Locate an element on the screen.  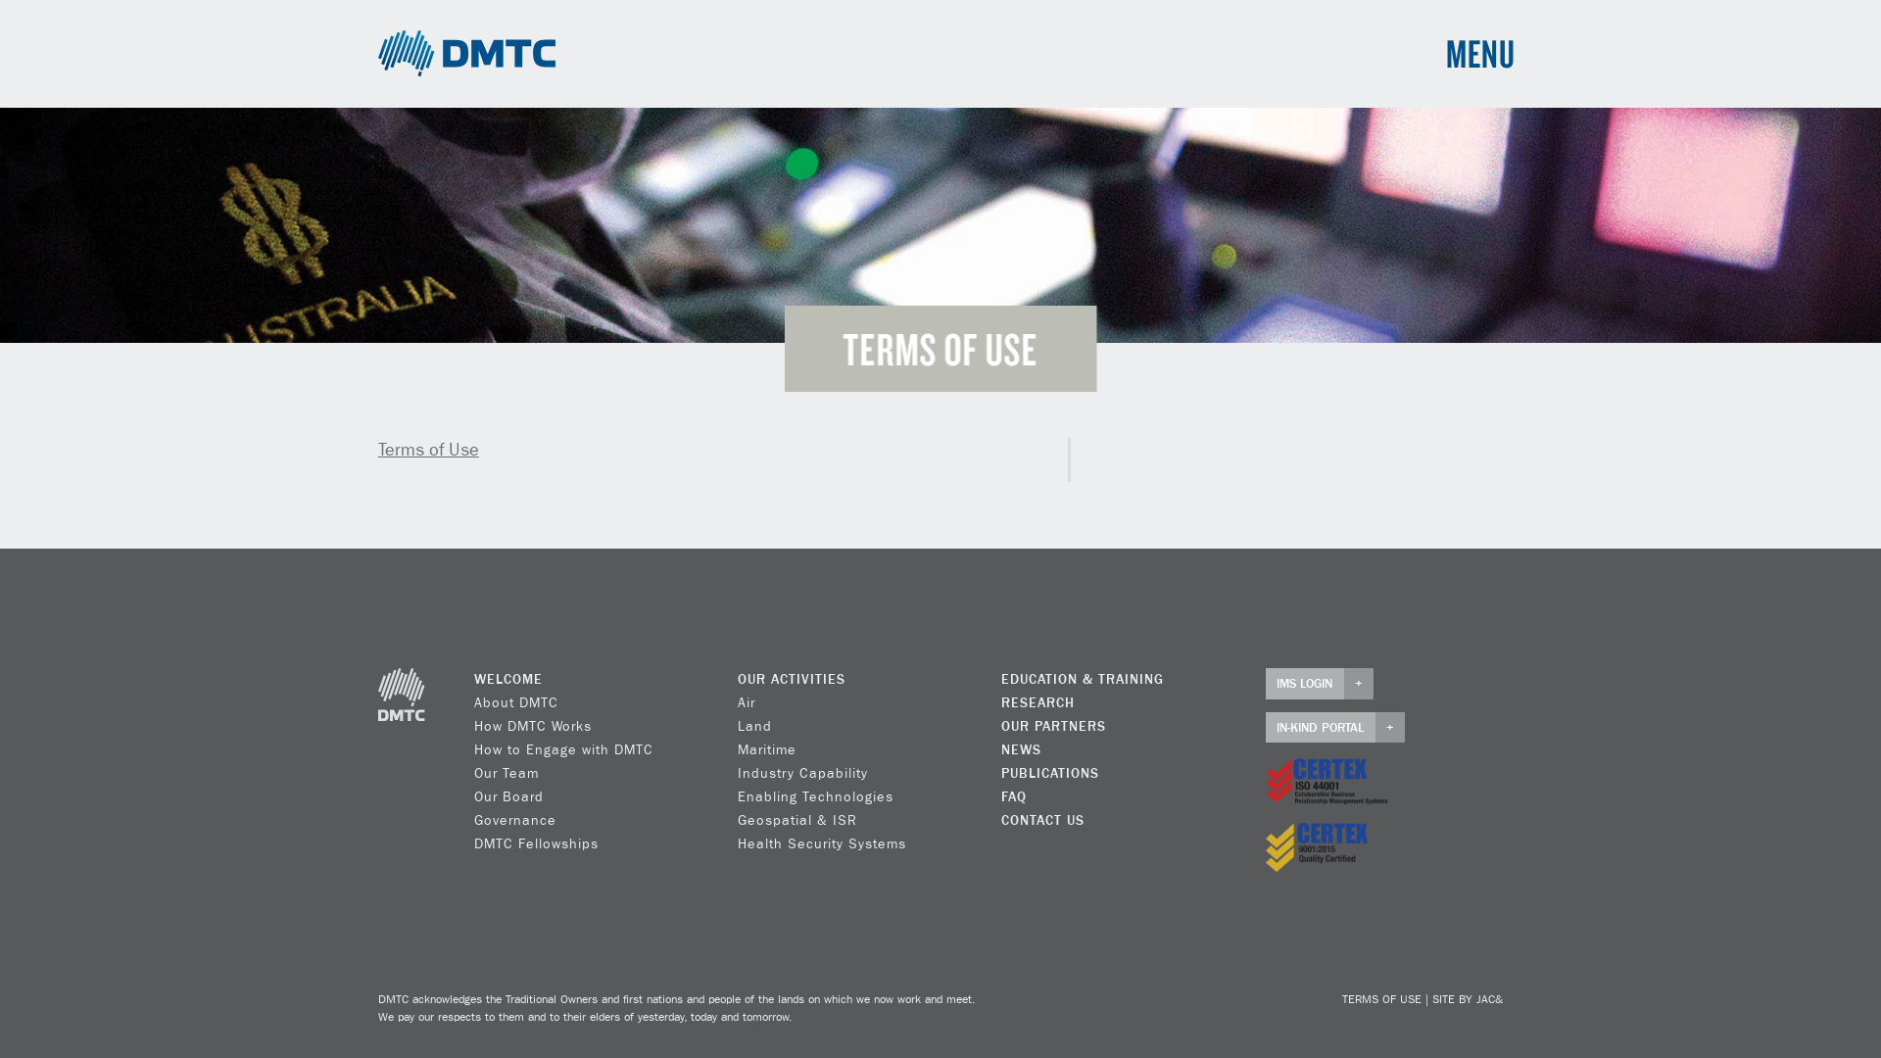
'Our Team' is located at coordinates (474, 773).